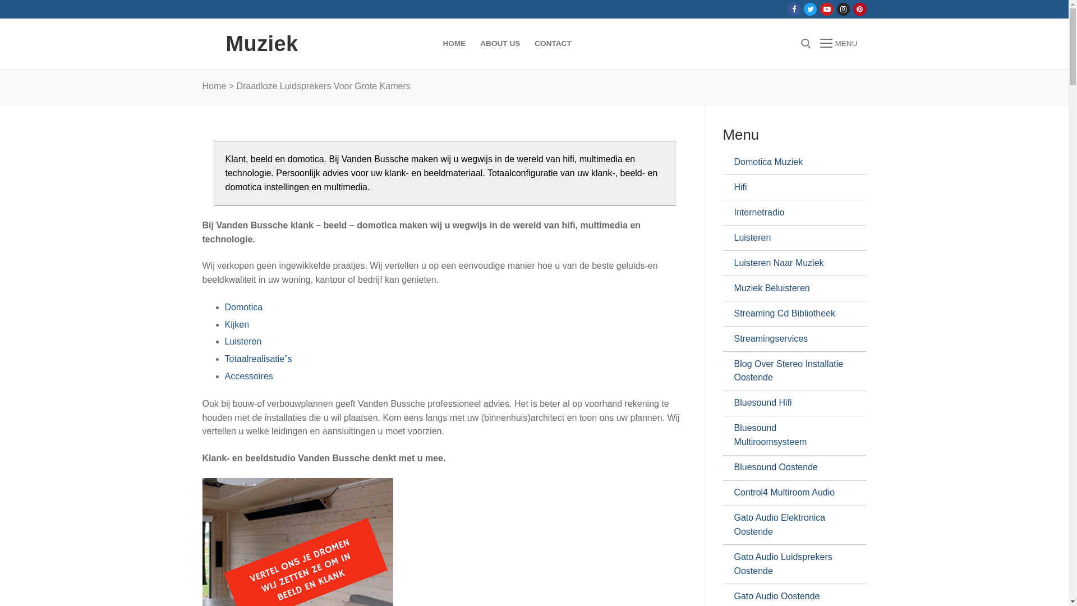  Describe the element at coordinates (236, 324) in the screenshot. I see `'Kijken'` at that location.